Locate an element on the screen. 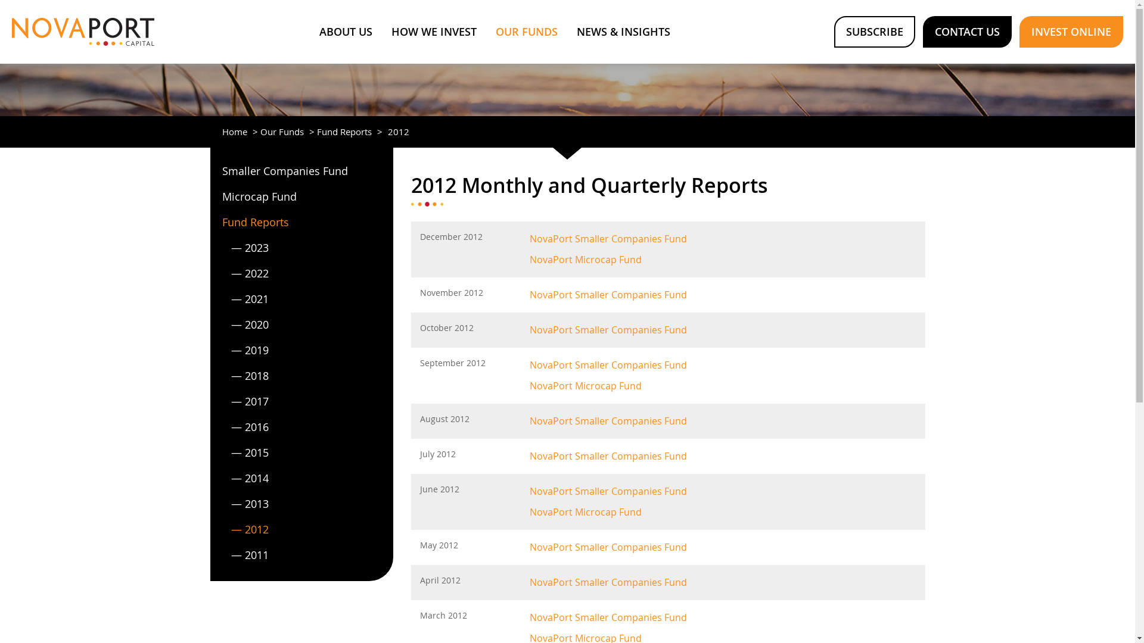 The width and height of the screenshot is (1144, 643). 'NovaPort Microcap Fund' is located at coordinates (586, 258).